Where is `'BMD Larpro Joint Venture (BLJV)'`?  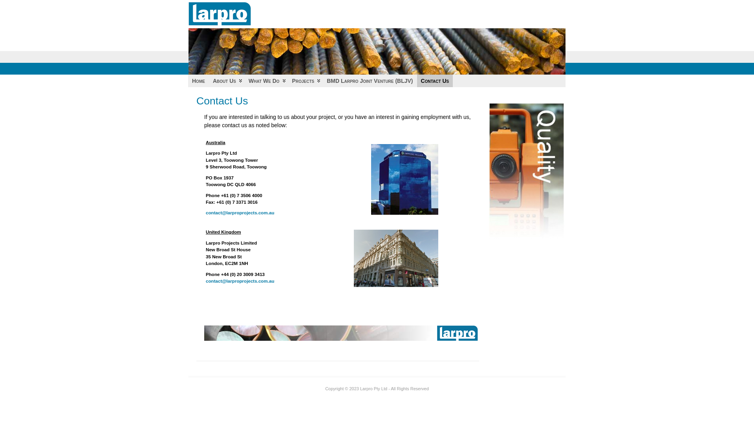 'BMD Larpro Joint Venture (BLJV)' is located at coordinates (369, 80).